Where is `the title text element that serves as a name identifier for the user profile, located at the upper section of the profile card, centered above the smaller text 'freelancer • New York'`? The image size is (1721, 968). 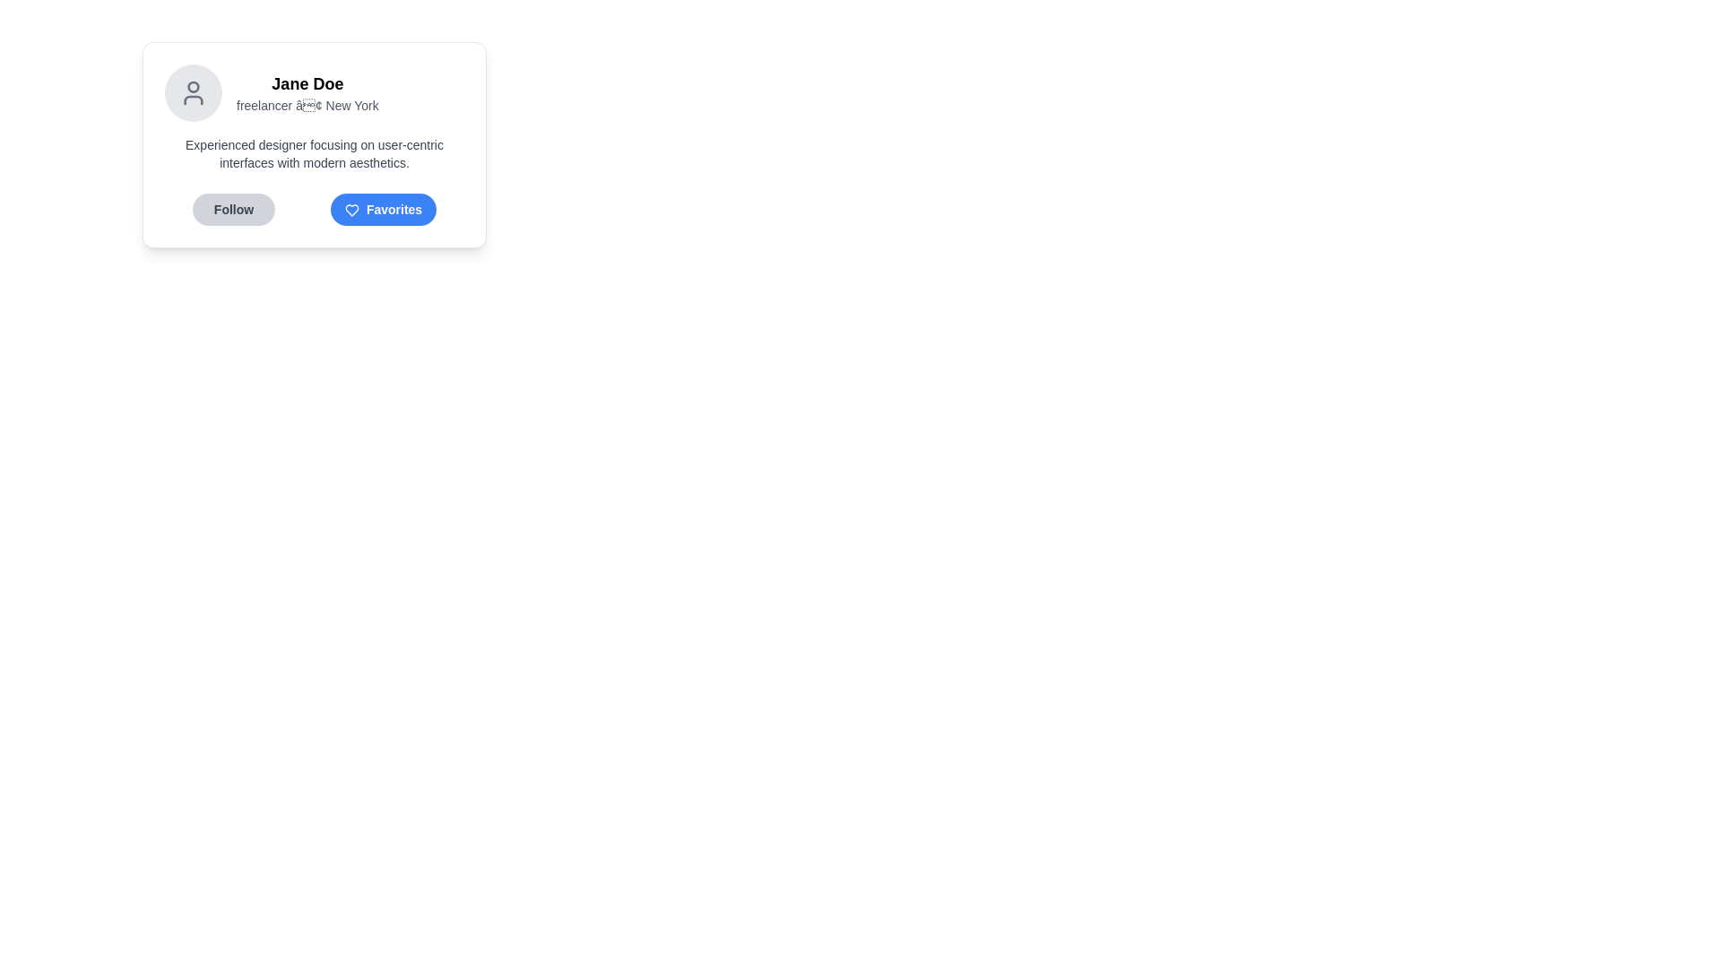 the title text element that serves as a name identifier for the user profile, located at the upper section of the profile card, centered above the smaller text 'freelancer • New York' is located at coordinates (307, 83).